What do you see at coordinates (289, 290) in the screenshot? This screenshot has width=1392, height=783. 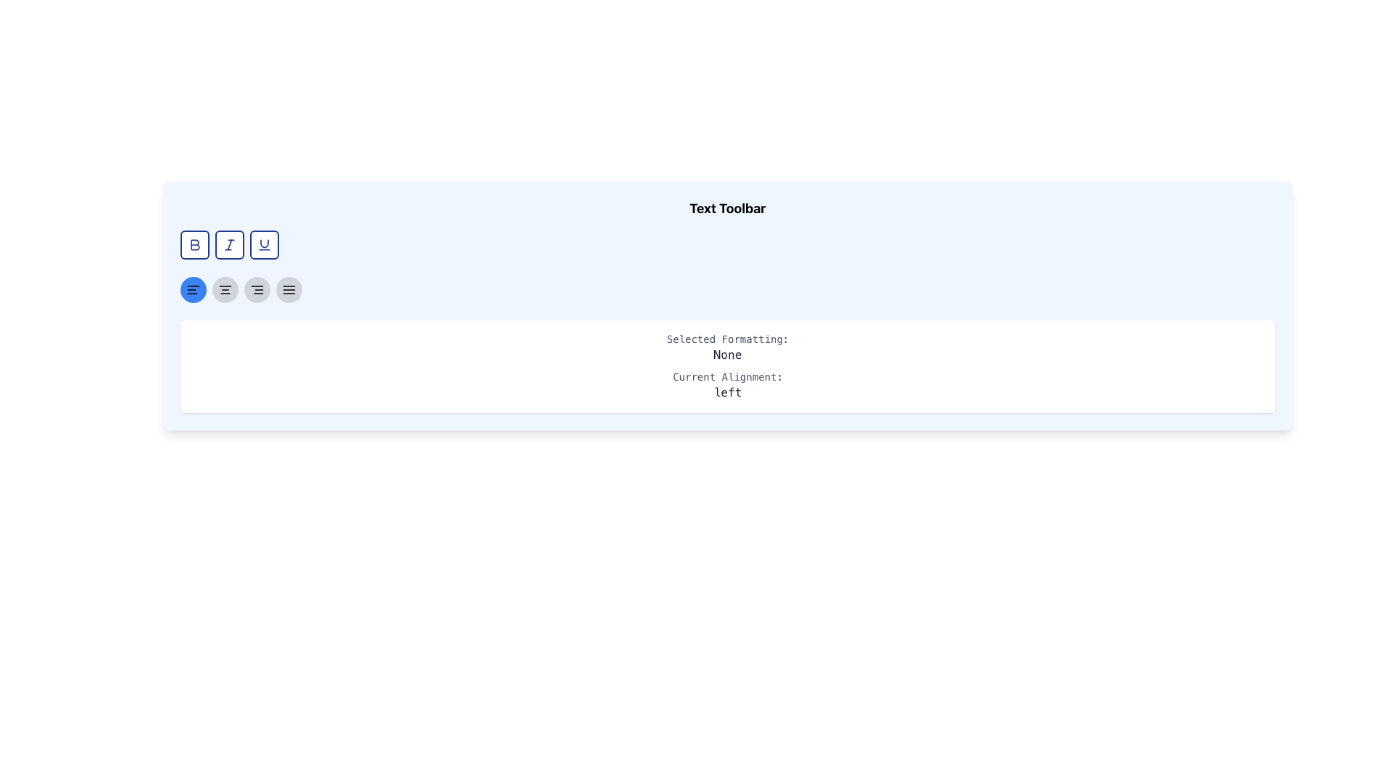 I see `the fifth button in the horizontal toolbar for text alignment options` at bounding box center [289, 290].